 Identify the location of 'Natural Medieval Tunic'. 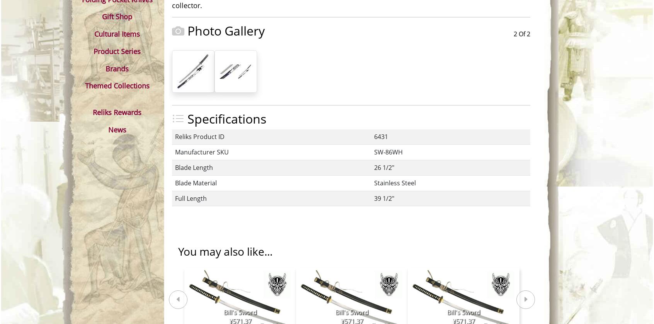
(300, 254).